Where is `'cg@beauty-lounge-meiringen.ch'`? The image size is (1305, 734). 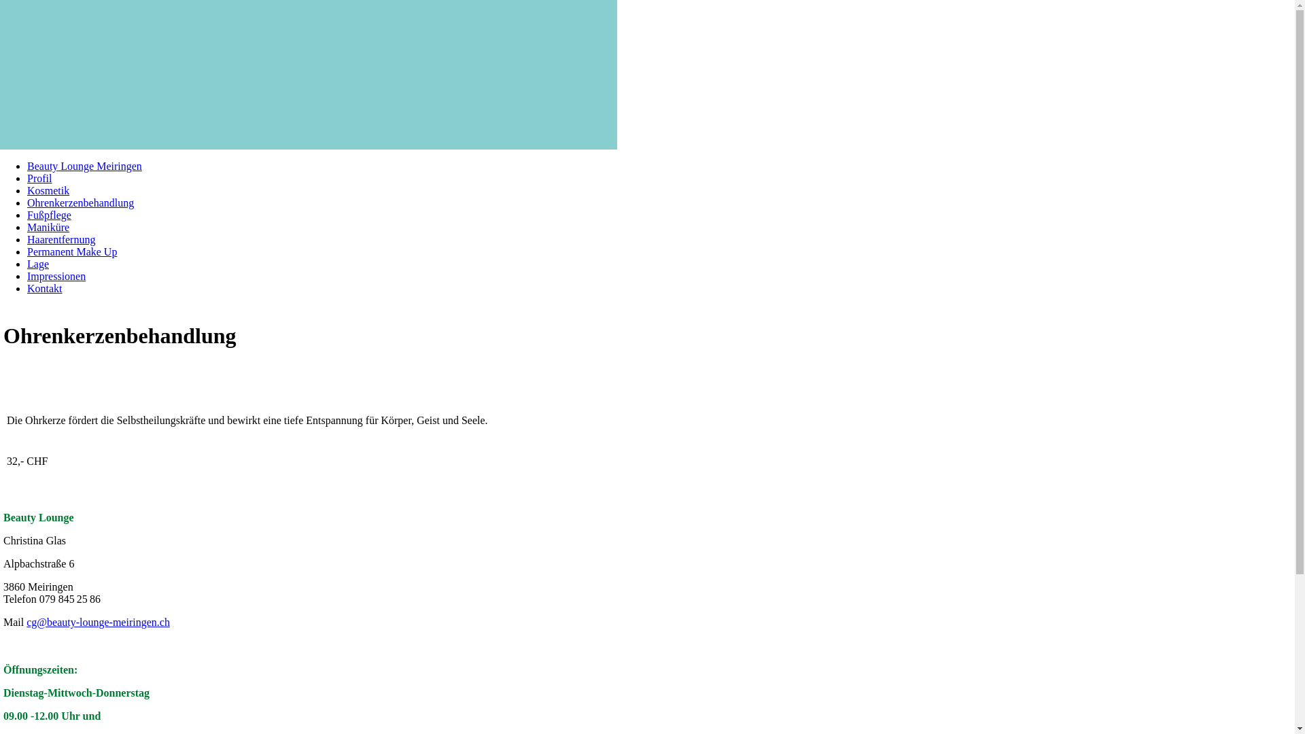 'cg@beauty-lounge-meiringen.ch' is located at coordinates (97, 622).